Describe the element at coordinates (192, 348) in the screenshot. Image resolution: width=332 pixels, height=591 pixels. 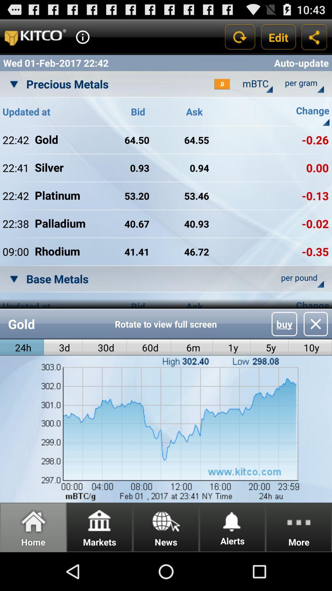
I see `the radio button to the right of 60d radio button` at that location.